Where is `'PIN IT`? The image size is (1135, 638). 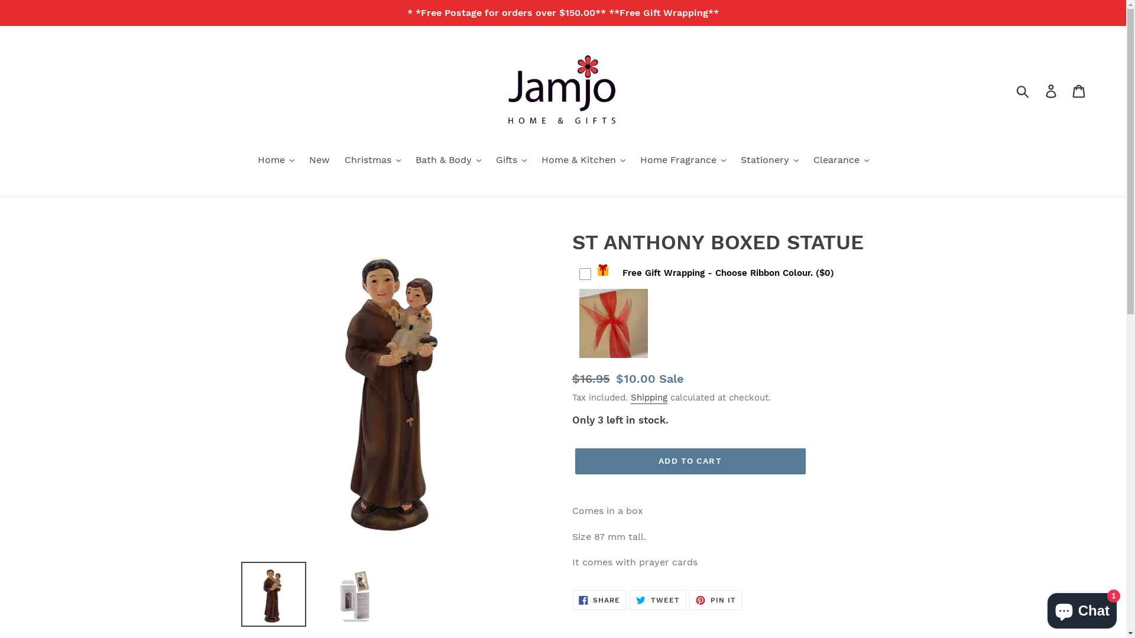
'PIN IT is located at coordinates (715, 600).